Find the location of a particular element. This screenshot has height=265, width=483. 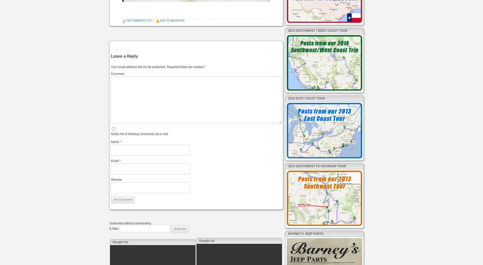

'Your email address will not be published.' is located at coordinates (138, 66).